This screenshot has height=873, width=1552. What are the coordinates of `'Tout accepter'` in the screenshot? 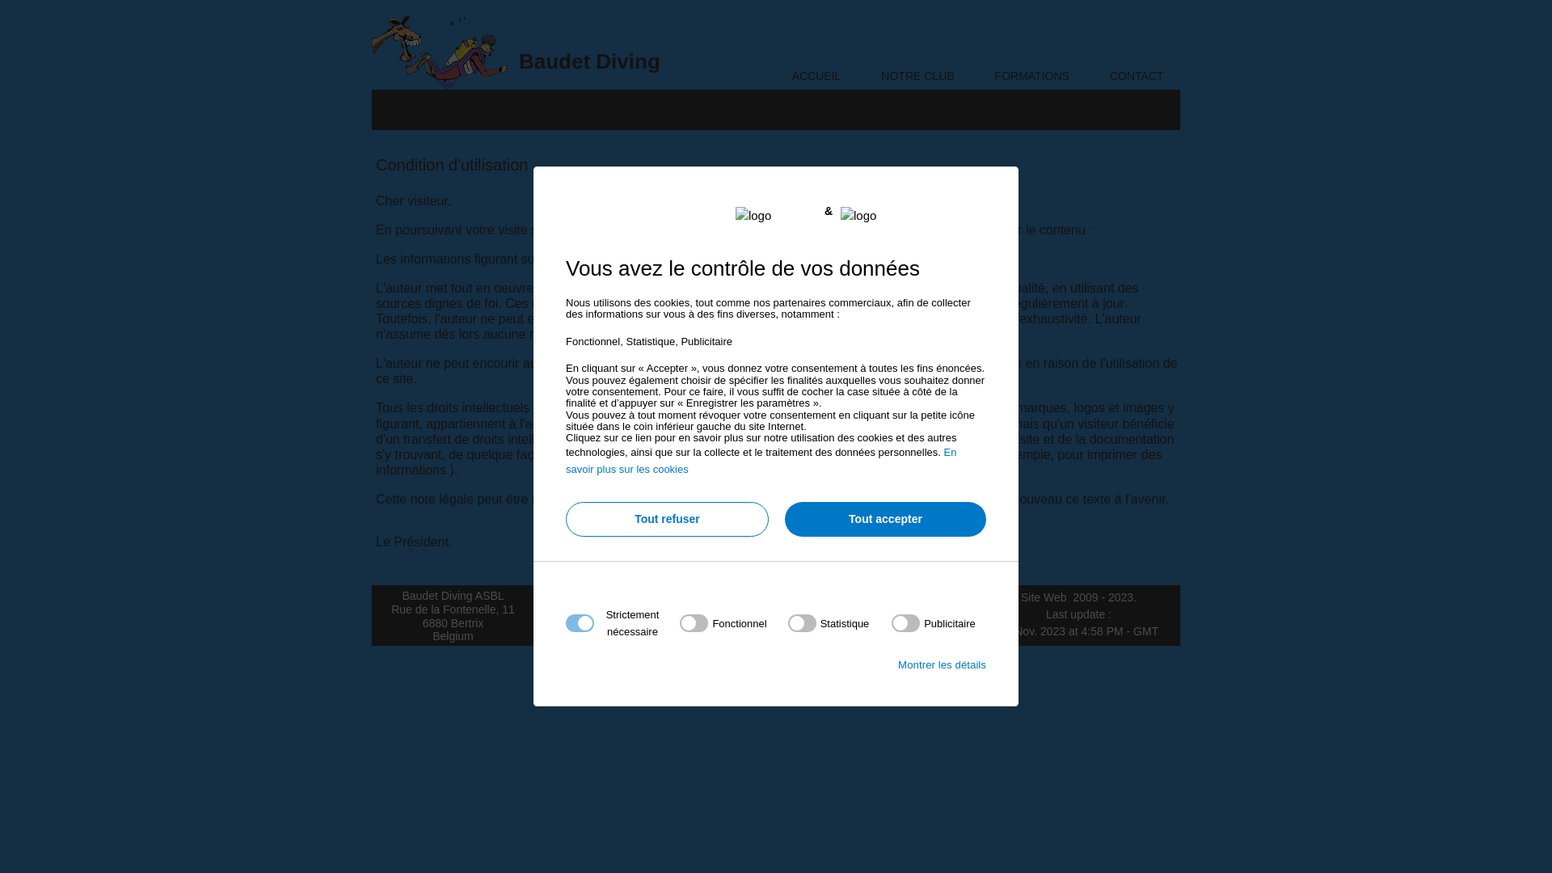 It's located at (884, 519).